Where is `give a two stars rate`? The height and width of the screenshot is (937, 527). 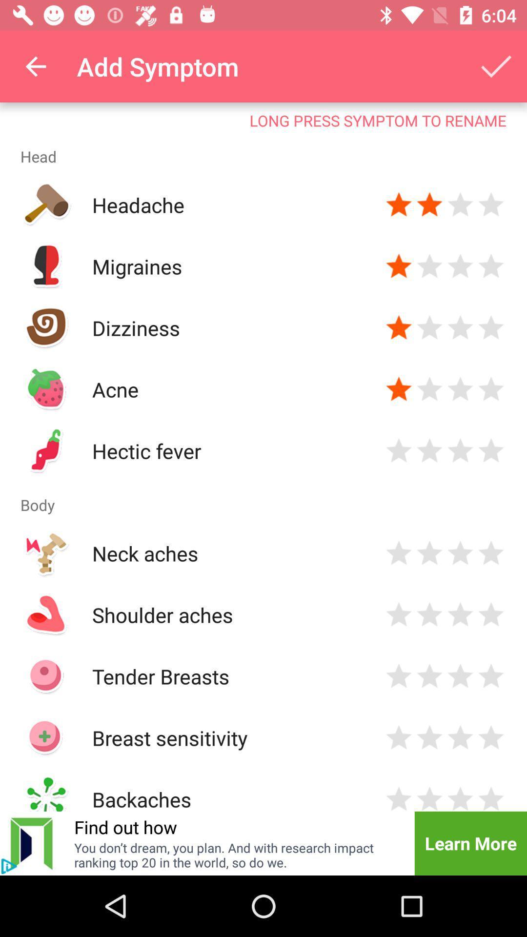 give a two stars rate is located at coordinates (429, 266).